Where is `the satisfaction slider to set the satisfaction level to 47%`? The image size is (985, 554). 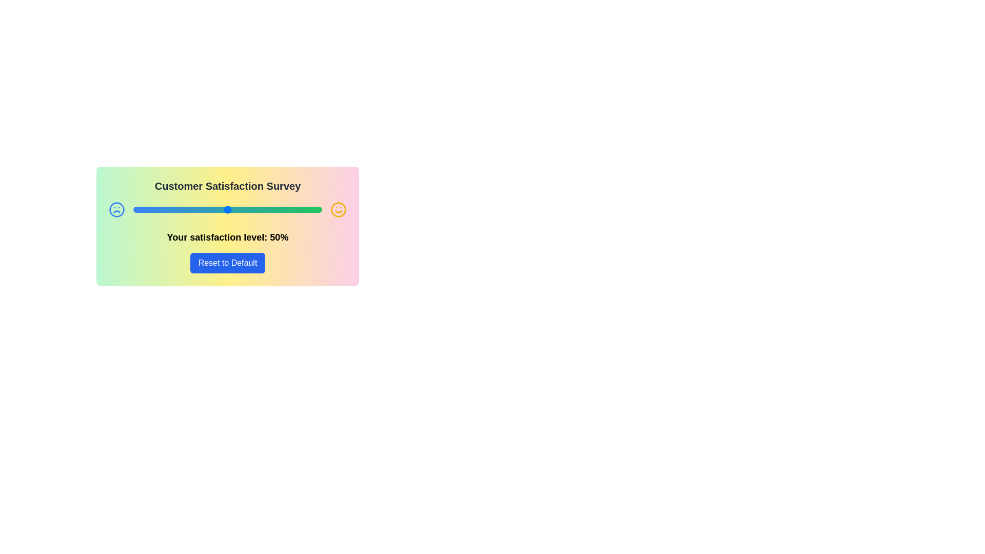
the satisfaction slider to set the satisfaction level to 47% is located at coordinates (221, 209).